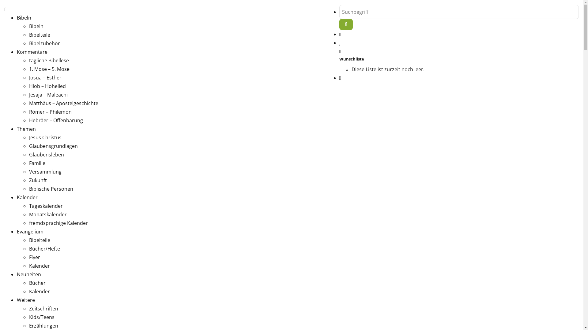  What do you see at coordinates (51, 188) in the screenshot?
I see `'Biblische Personen'` at bounding box center [51, 188].